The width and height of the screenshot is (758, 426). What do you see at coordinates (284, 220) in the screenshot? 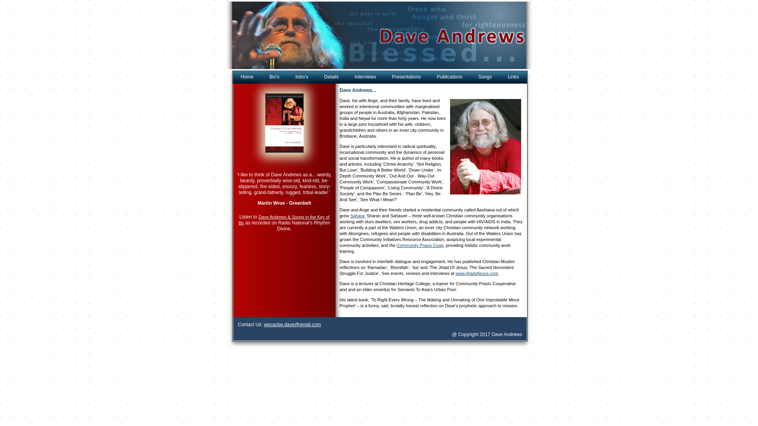
I see `'Dave Andrews & Songs in the Key of Be'` at bounding box center [284, 220].